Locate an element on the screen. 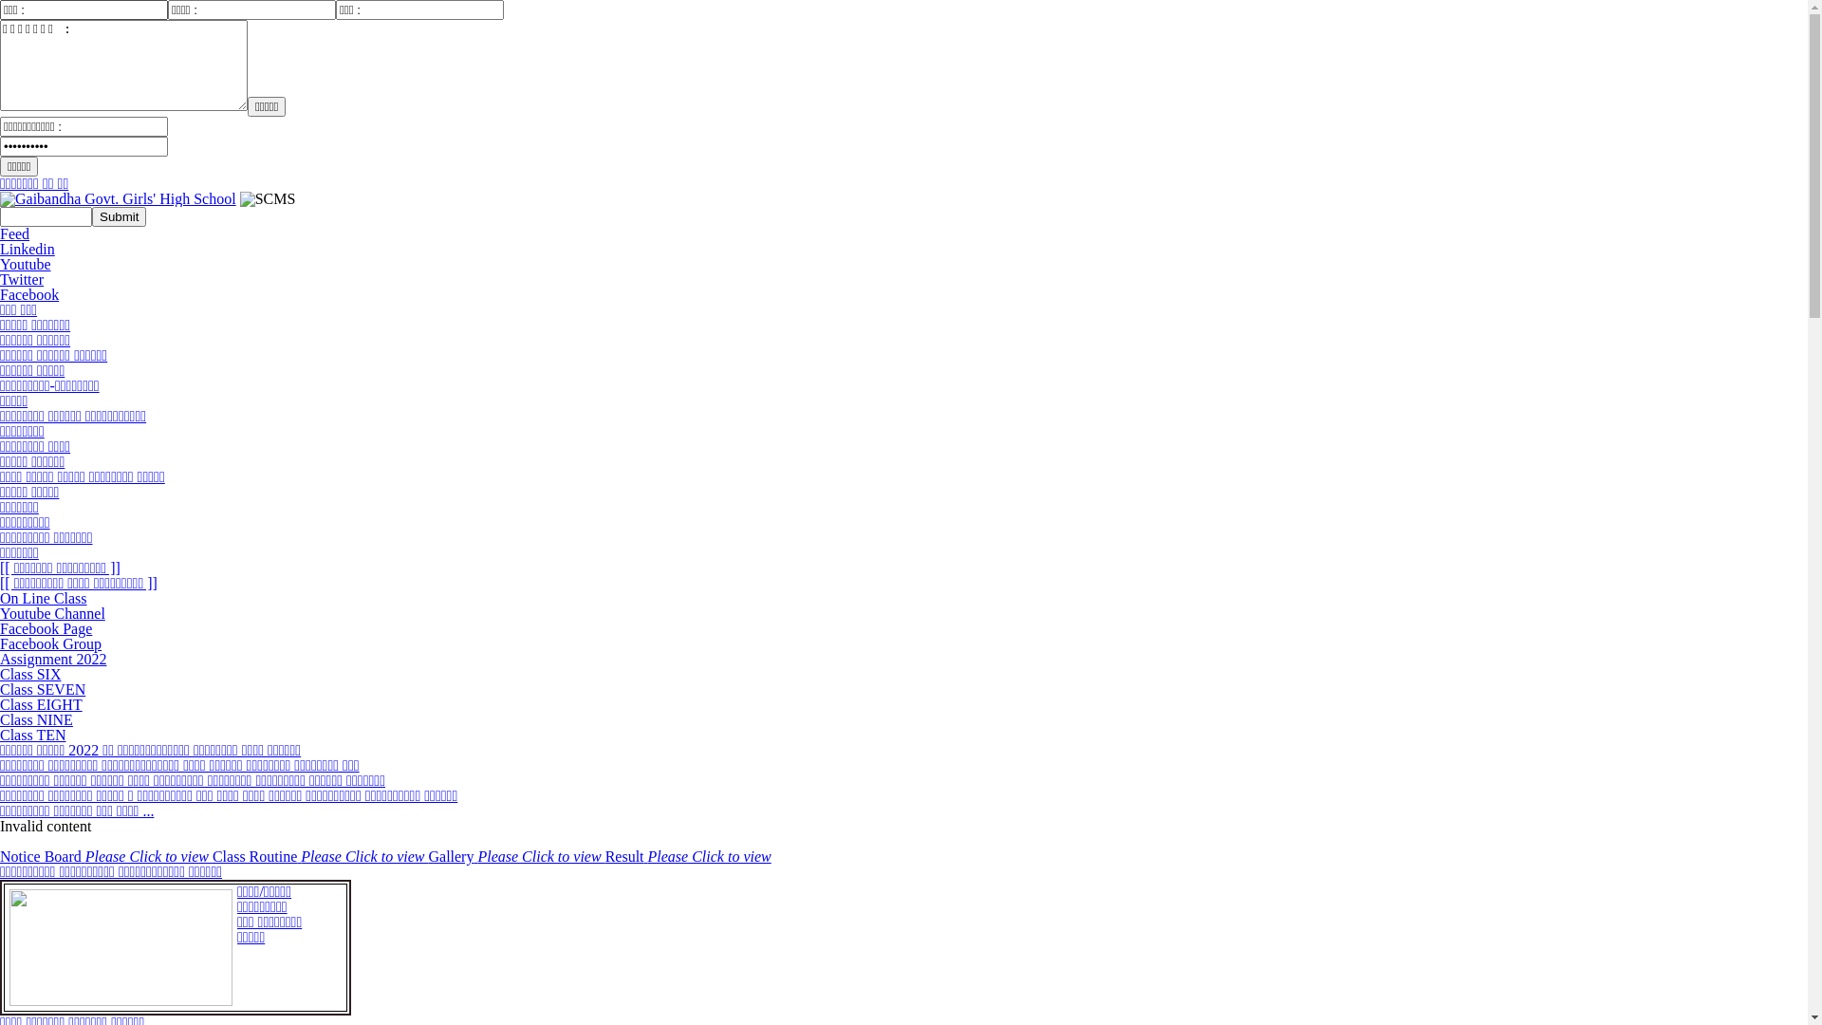 The width and height of the screenshot is (1822, 1025). 'Facebook Page' is located at coordinates (46, 628).